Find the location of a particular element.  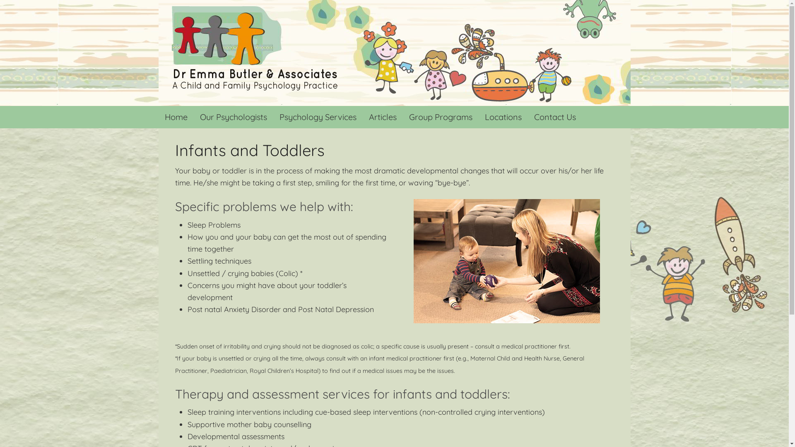

'Psychology Services' is located at coordinates (273, 117).